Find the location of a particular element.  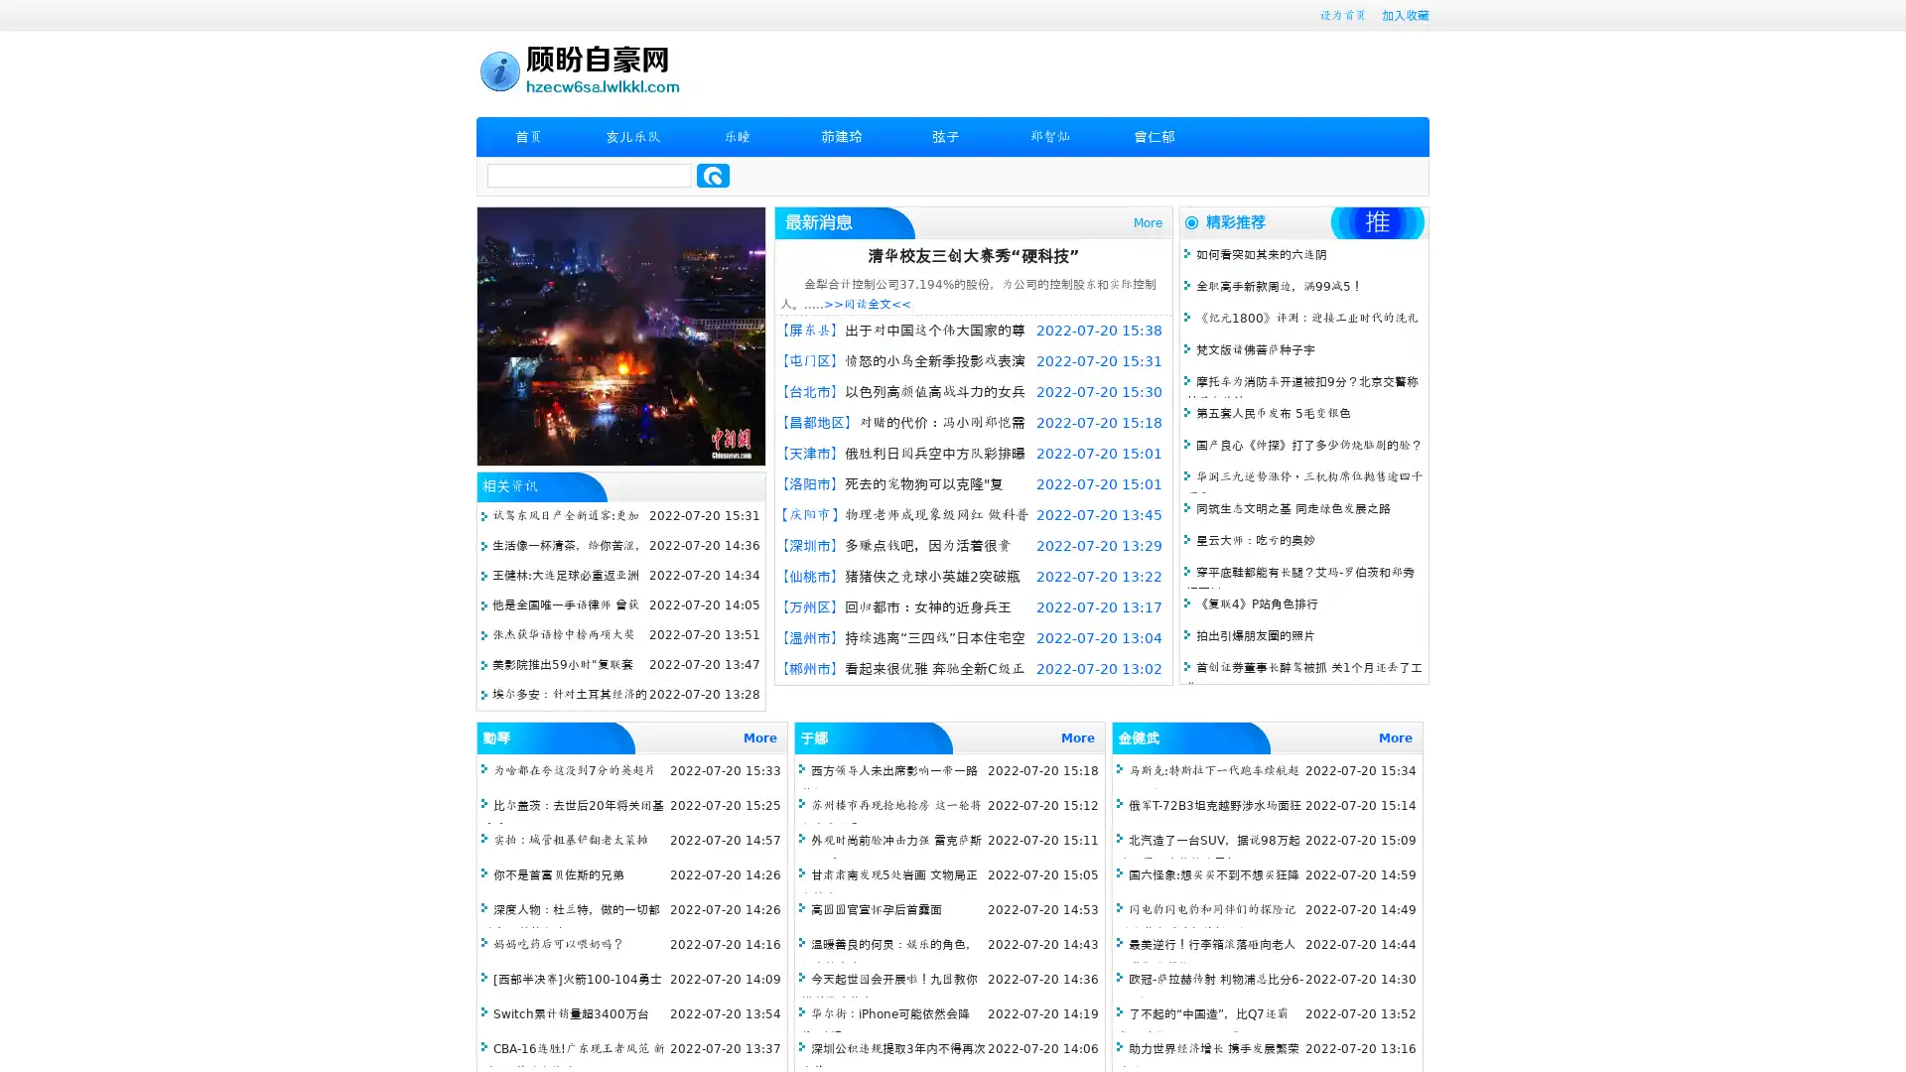

Search is located at coordinates (713, 175).